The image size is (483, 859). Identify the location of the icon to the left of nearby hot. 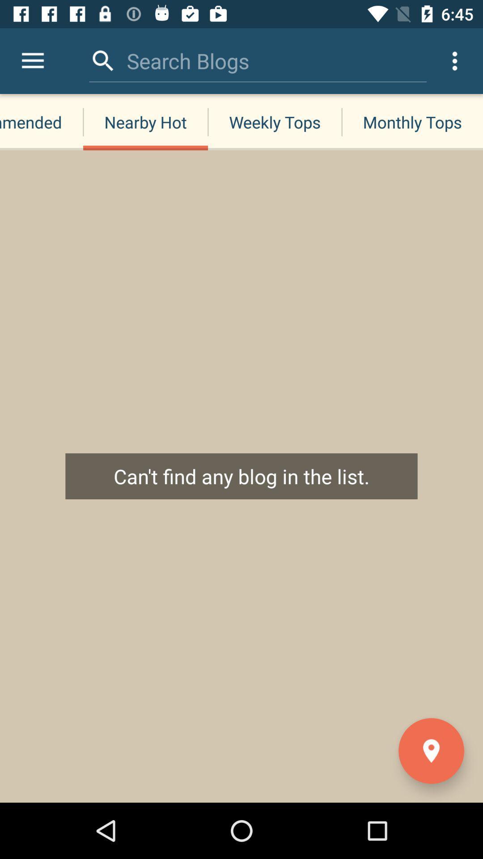
(32, 60).